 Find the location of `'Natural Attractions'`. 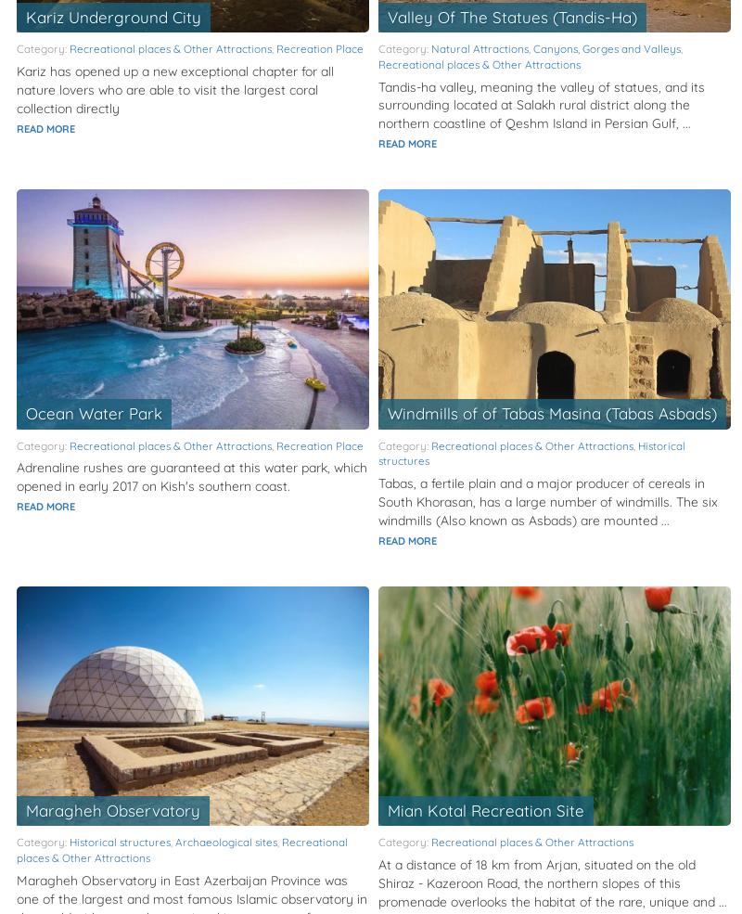

'Natural Attractions' is located at coordinates (479, 47).